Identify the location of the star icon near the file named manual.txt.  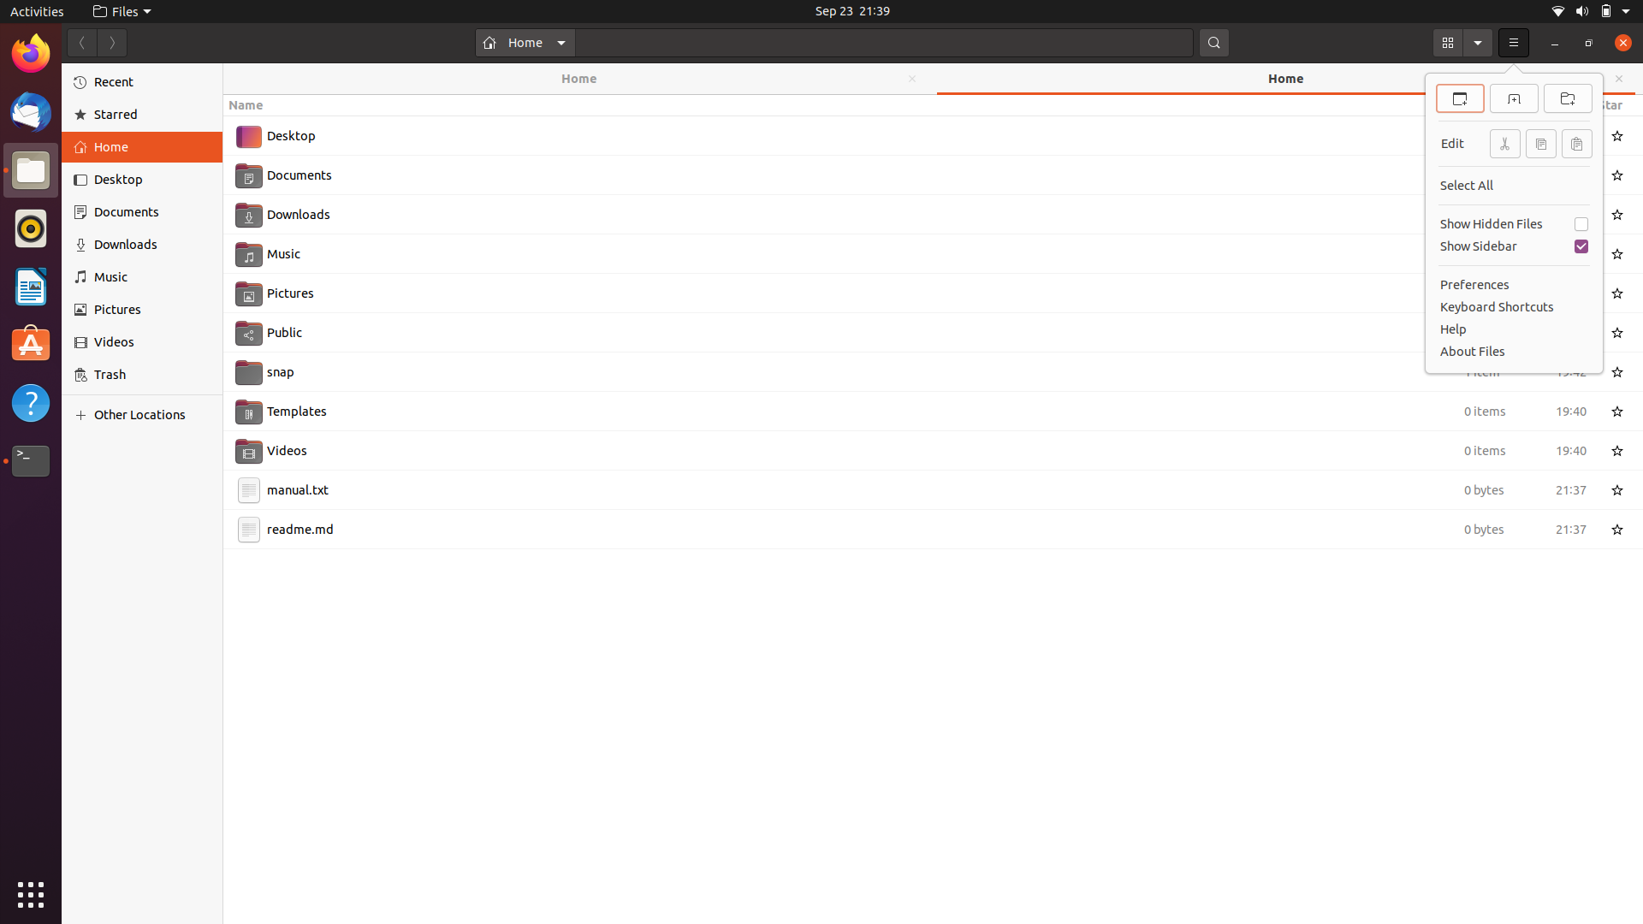
(1618, 488).